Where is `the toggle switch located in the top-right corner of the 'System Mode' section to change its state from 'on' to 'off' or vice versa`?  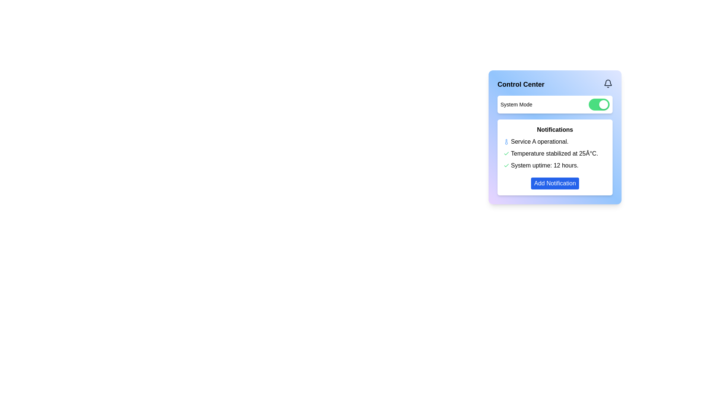
the toggle switch located in the top-right corner of the 'System Mode' section to change its state from 'on' to 'off' or vice versa is located at coordinates (599, 105).